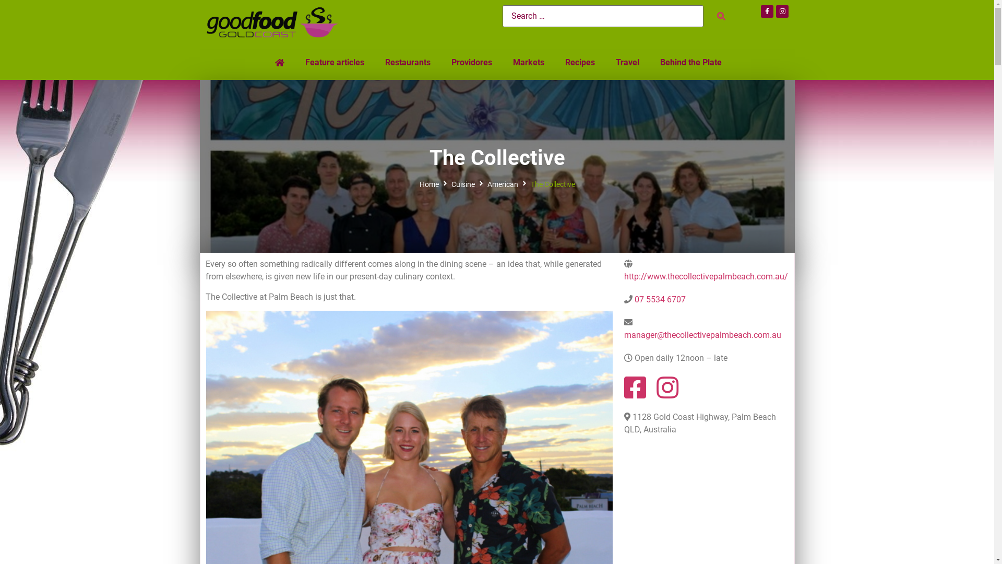 The width and height of the screenshot is (1002, 564). What do you see at coordinates (702, 335) in the screenshot?
I see `'manager@thecollectivepalmbeach.com.au'` at bounding box center [702, 335].